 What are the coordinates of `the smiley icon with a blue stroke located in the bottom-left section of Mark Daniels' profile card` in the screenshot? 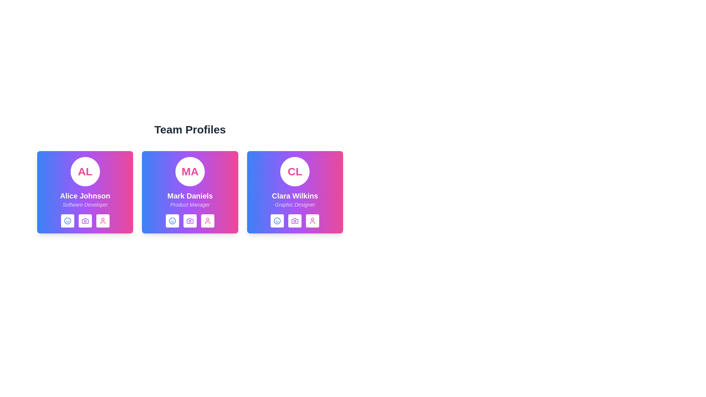 It's located at (172, 221).